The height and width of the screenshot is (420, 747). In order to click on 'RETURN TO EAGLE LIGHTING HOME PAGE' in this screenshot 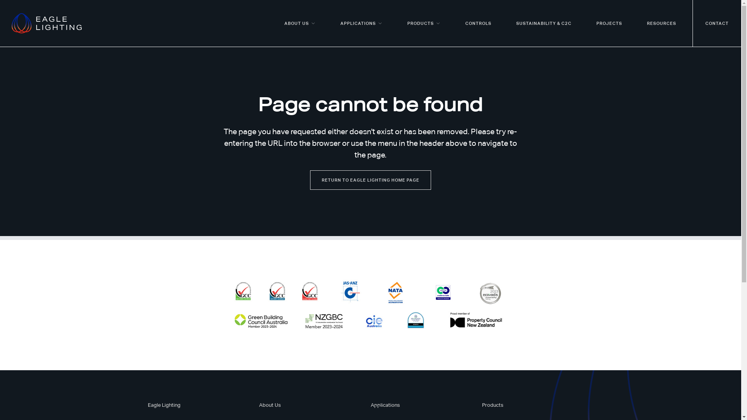, I will do `click(370, 180)`.